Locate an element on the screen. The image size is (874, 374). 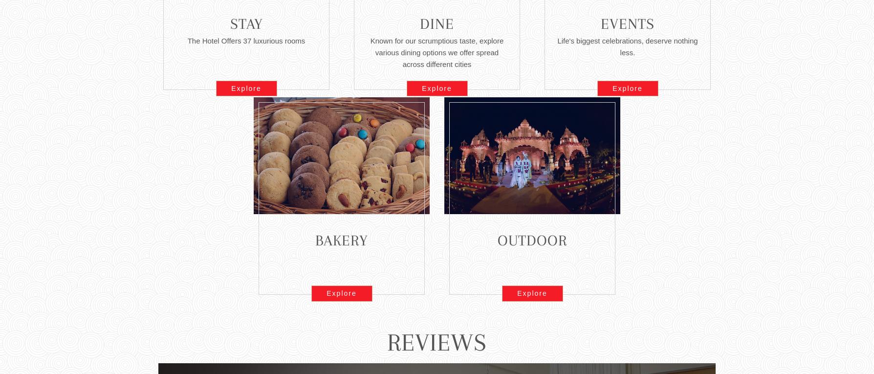
'Reviews' is located at coordinates (437, 342).